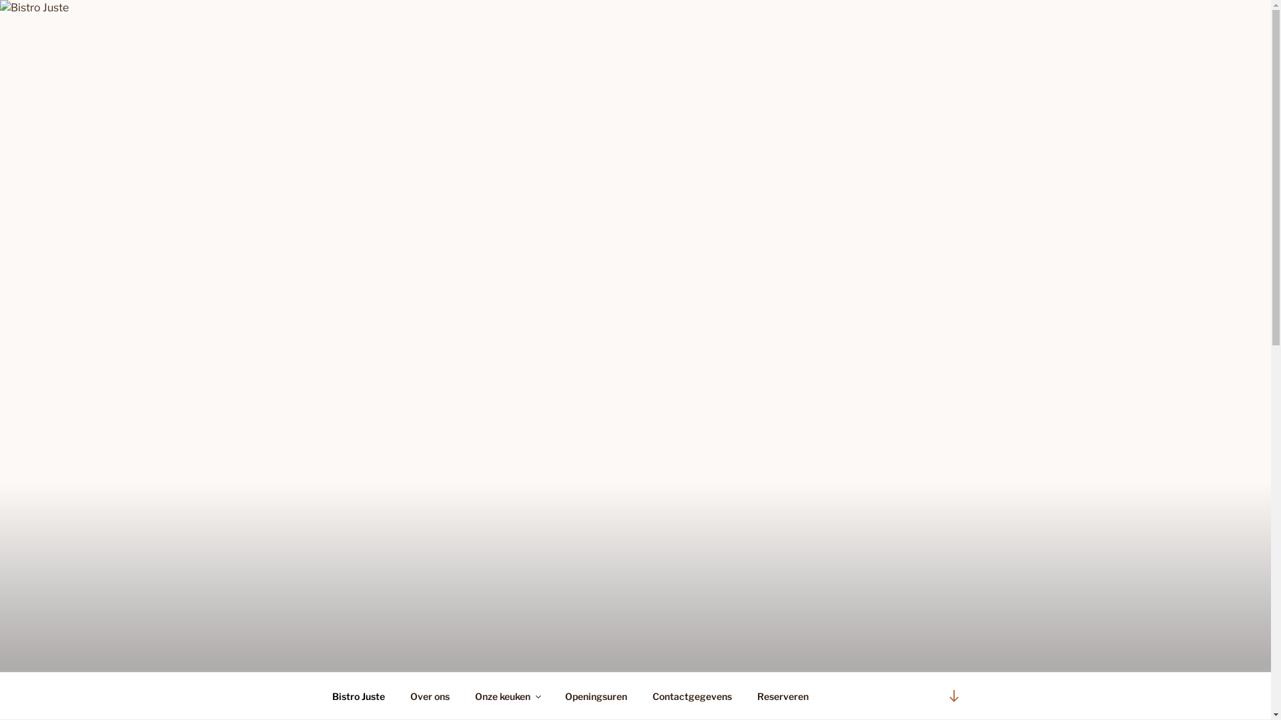 The height and width of the screenshot is (720, 1281). I want to click on 'Reserveren', so click(745, 695).